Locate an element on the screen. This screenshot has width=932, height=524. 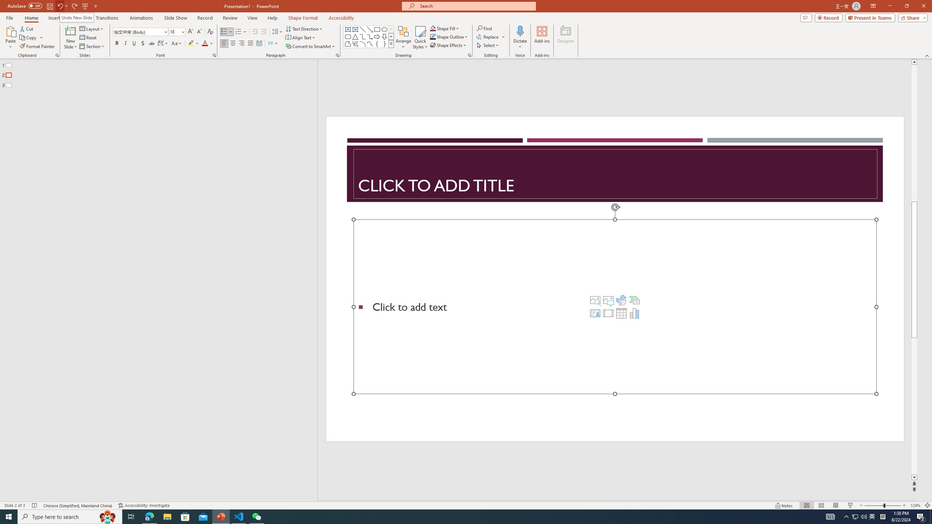
'Undo New Slide' is located at coordinates (77, 17).